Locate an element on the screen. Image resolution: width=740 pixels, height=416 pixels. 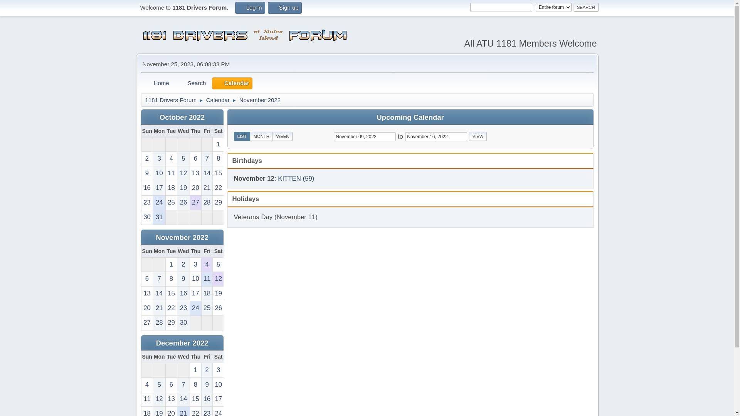
'19' is located at coordinates (183, 188).